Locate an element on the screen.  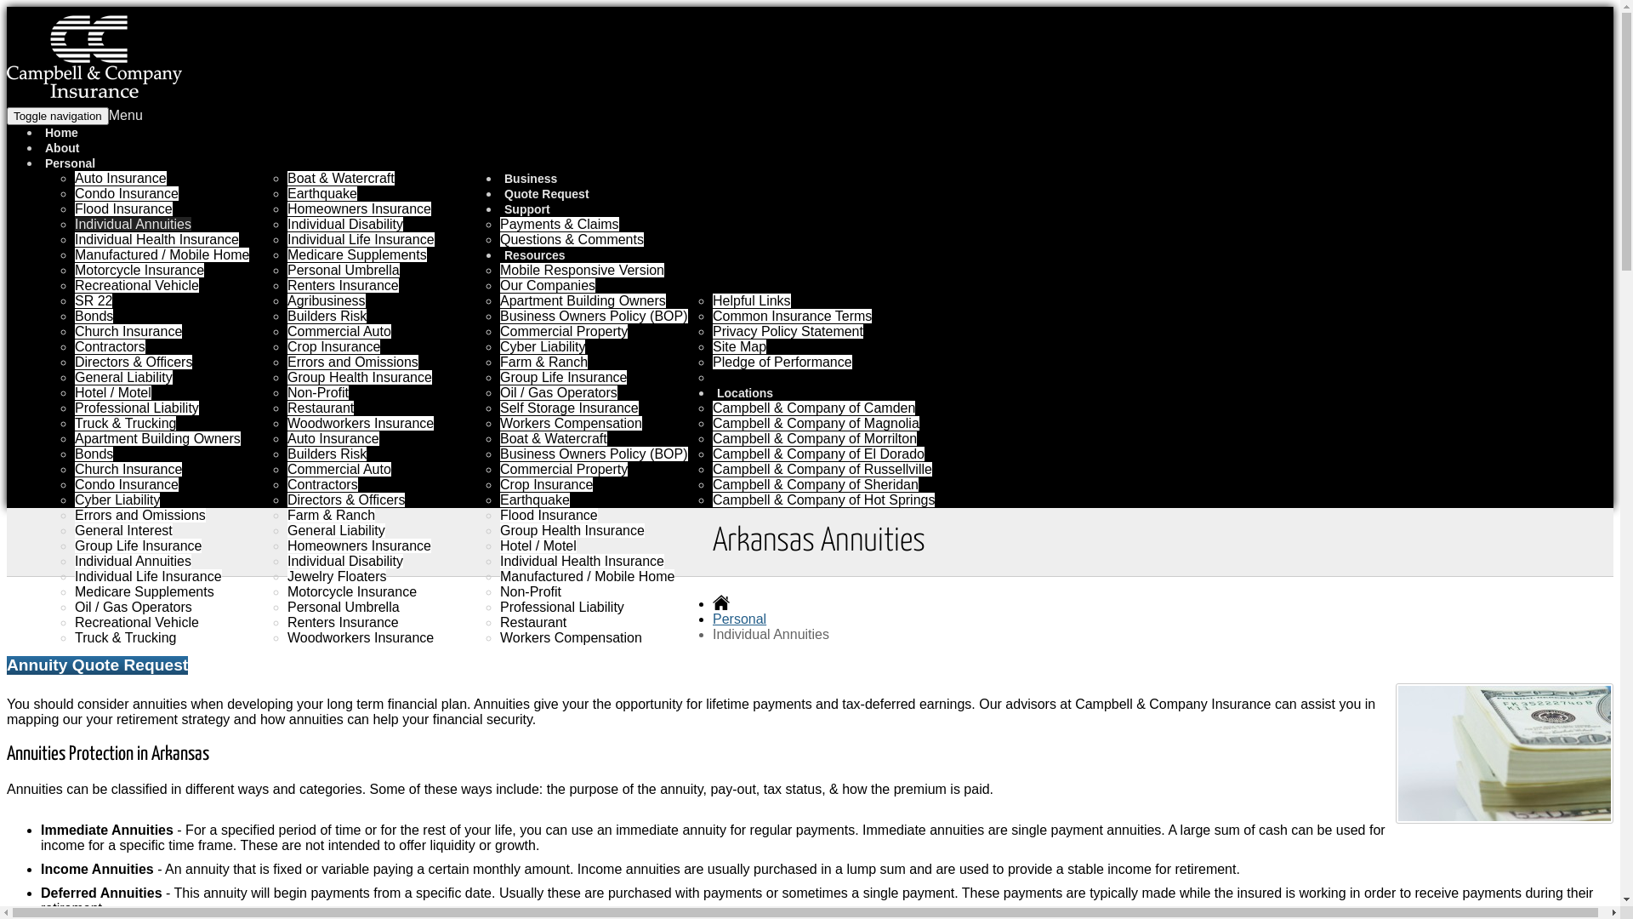
'Toggle navigation' is located at coordinates (57, 115).